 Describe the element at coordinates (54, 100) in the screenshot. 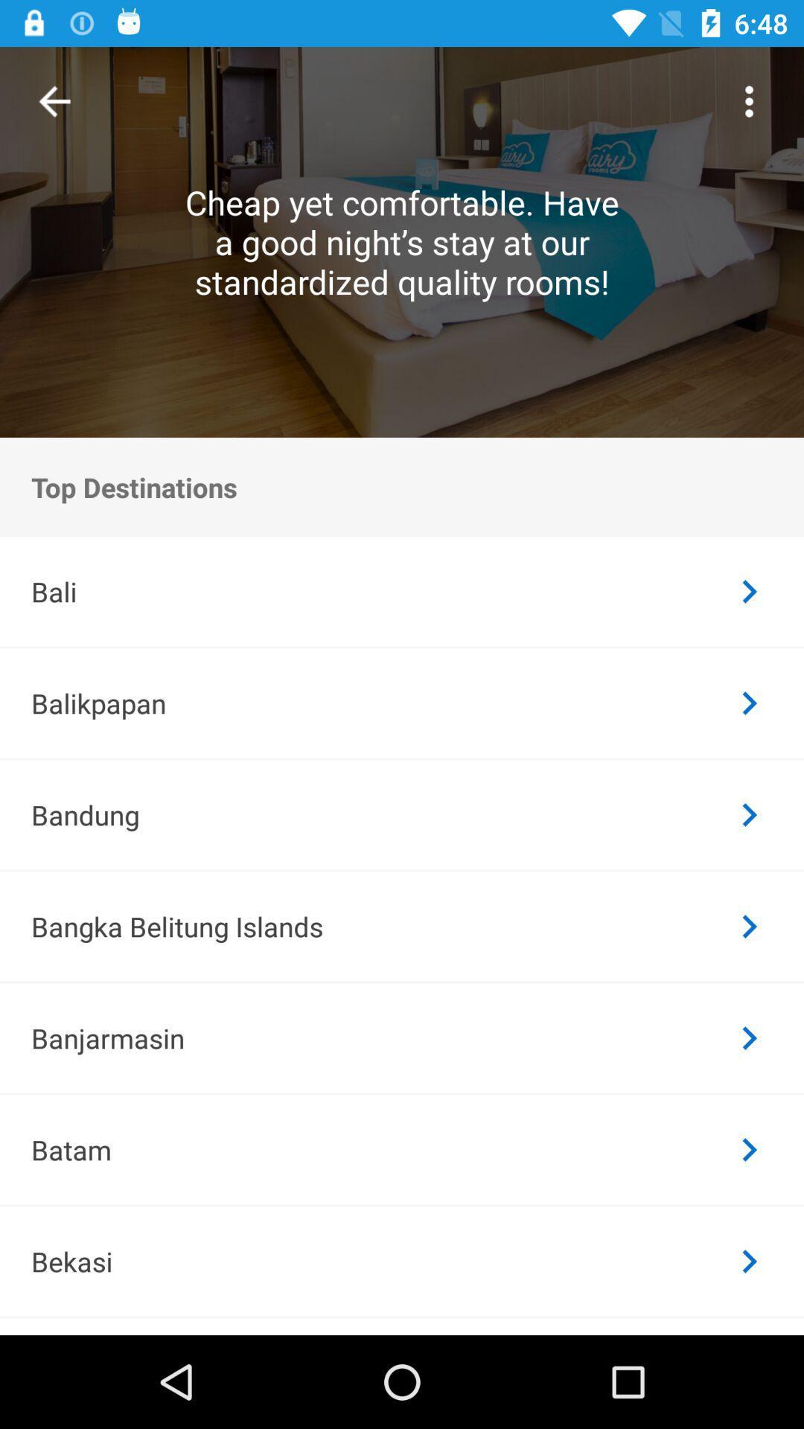

I see `item above top destinations icon` at that location.